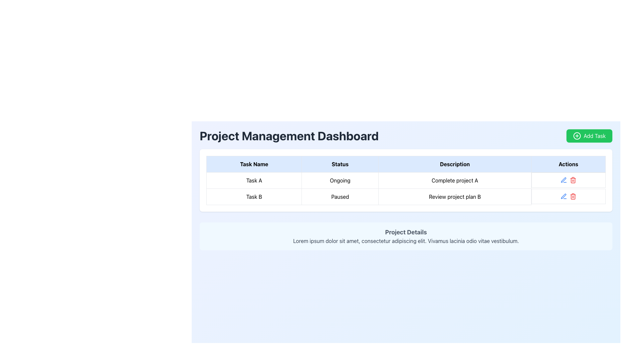 The height and width of the screenshot is (359, 639). What do you see at coordinates (589, 135) in the screenshot?
I see `the 'Add Task' button located` at bounding box center [589, 135].